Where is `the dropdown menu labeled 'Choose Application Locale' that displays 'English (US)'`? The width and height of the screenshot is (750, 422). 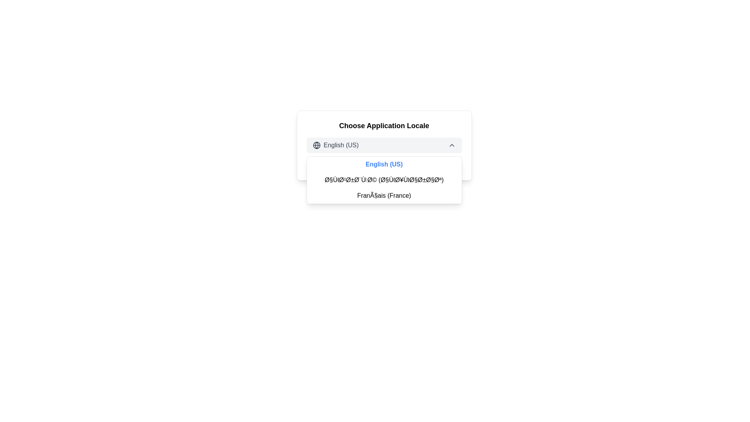 the dropdown menu labeled 'Choose Application Locale' that displays 'English (US)' is located at coordinates (384, 145).